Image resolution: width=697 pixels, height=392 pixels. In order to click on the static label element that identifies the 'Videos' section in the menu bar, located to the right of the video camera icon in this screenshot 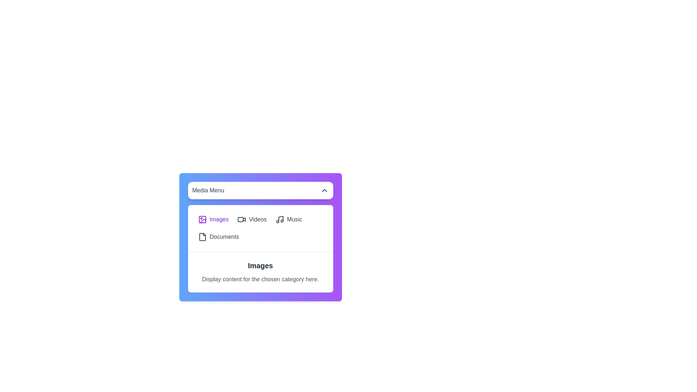, I will do `click(258, 219)`.